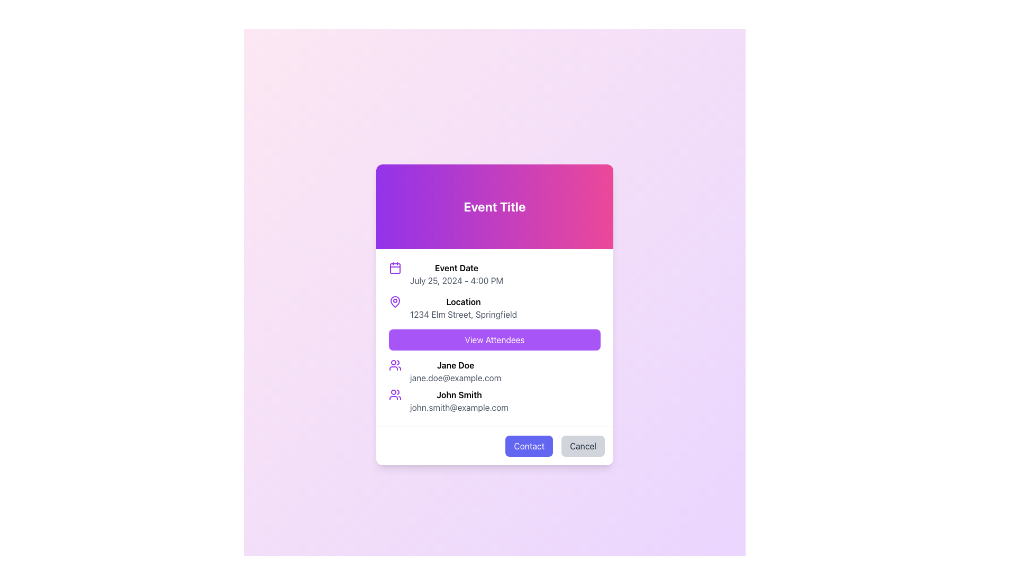 This screenshot has height=571, width=1016. I want to click on the bolded text label displaying 'John Smith', which is located in the second row of user information, above the email address 'john.smith@example.com', so click(459, 394).